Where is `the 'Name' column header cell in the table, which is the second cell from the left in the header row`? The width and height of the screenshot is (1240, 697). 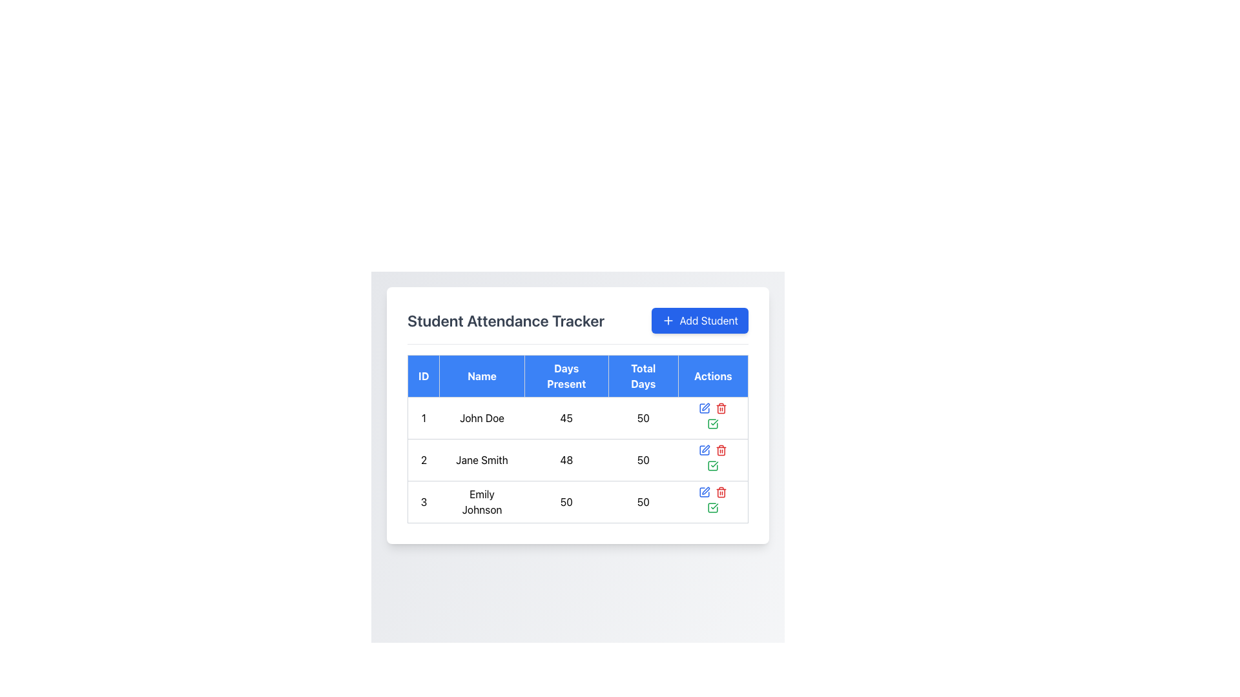 the 'Name' column header cell in the table, which is the second cell from the left in the header row is located at coordinates (481, 376).